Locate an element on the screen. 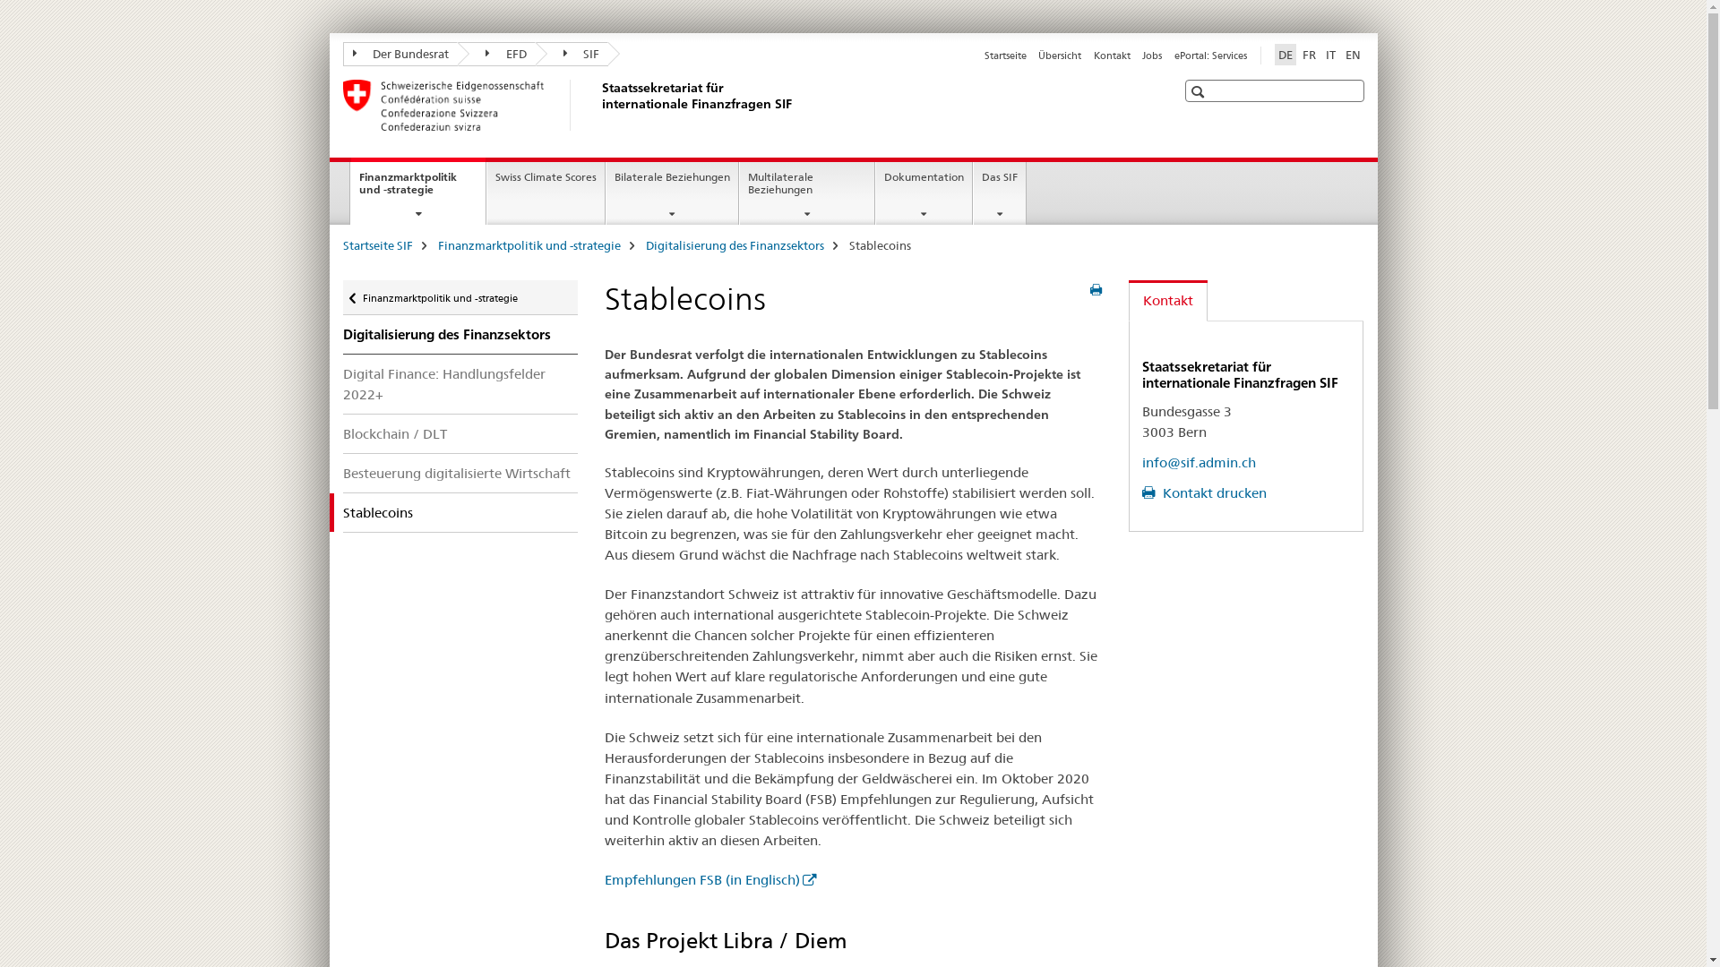 This screenshot has height=967, width=1720. 'DE' is located at coordinates (1284, 54).